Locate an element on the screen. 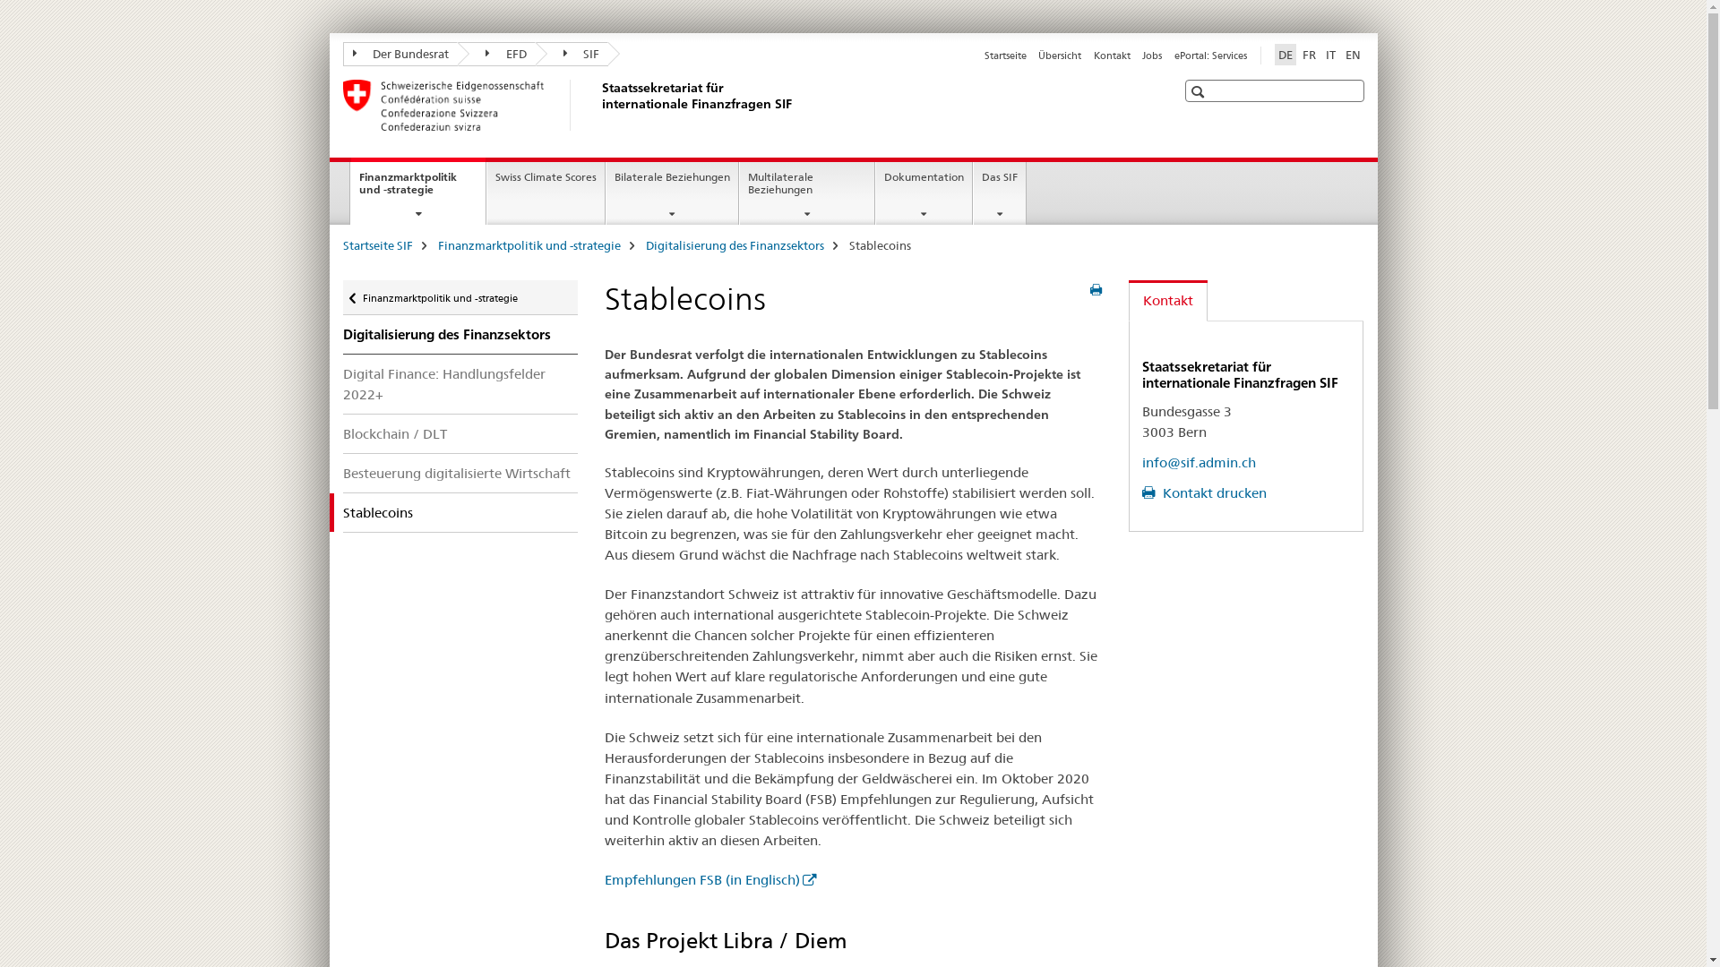 This screenshot has height=967, width=1720. 'DE' is located at coordinates (1284, 54).